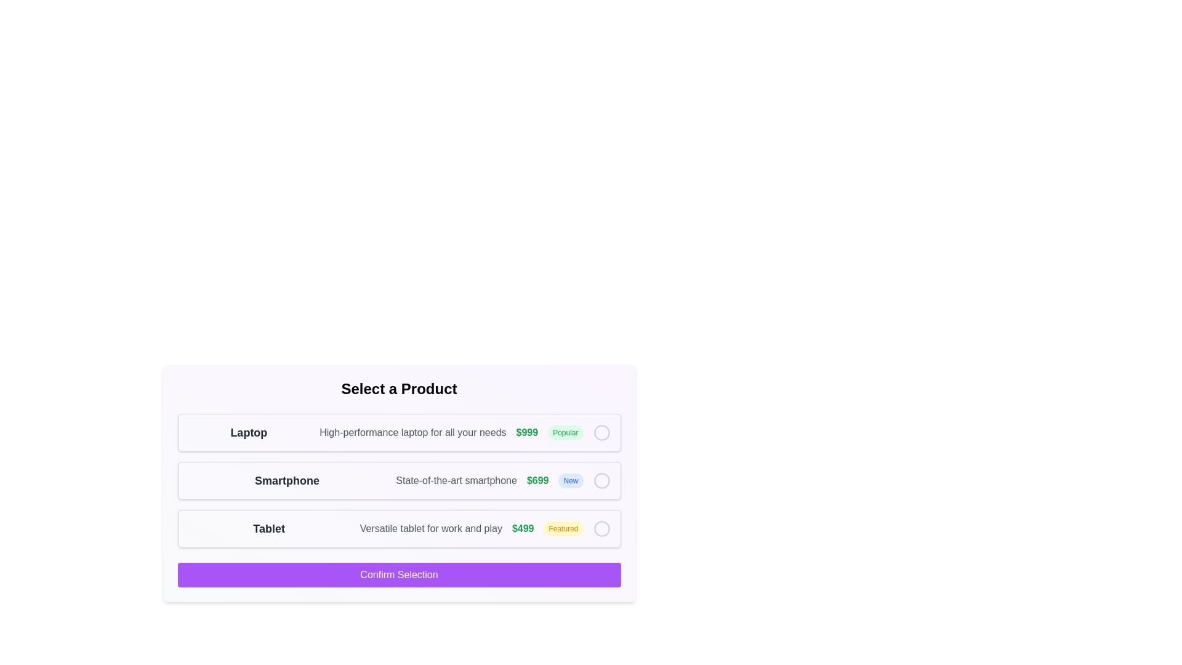  Describe the element at coordinates (399, 528) in the screenshot. I see `the radio button for the 'Tablet' option in the product list, which is the third item below 'Smartphone'` at that location.